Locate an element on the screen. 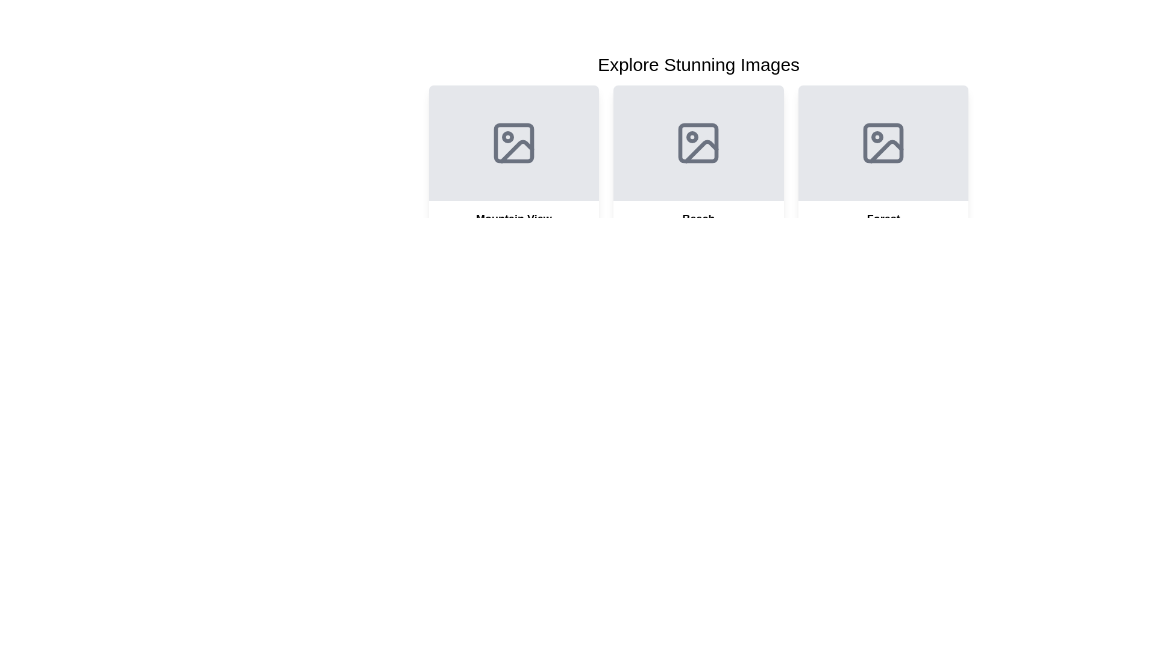  the content card titled 'Beach' in the middle of the grid layout for 'Explore Stunning Images' is located at coordinates (698, 179).